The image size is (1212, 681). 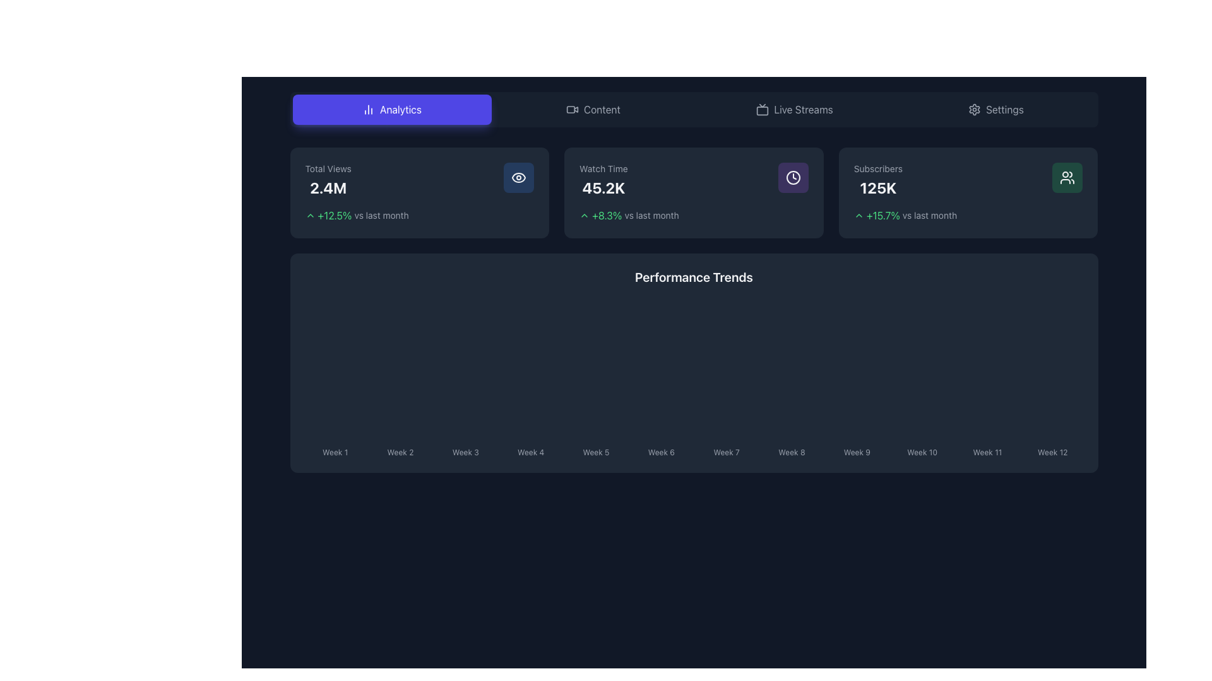 What do you see at coordinates (335, 215) in the screenshot?
I see `the static text label that indicates a positive numerical percentage change of 12.5%, positioned below the primary metric value ('2.4M') and to the right of an upward-chevron icon` at bounding box center [335, 215].